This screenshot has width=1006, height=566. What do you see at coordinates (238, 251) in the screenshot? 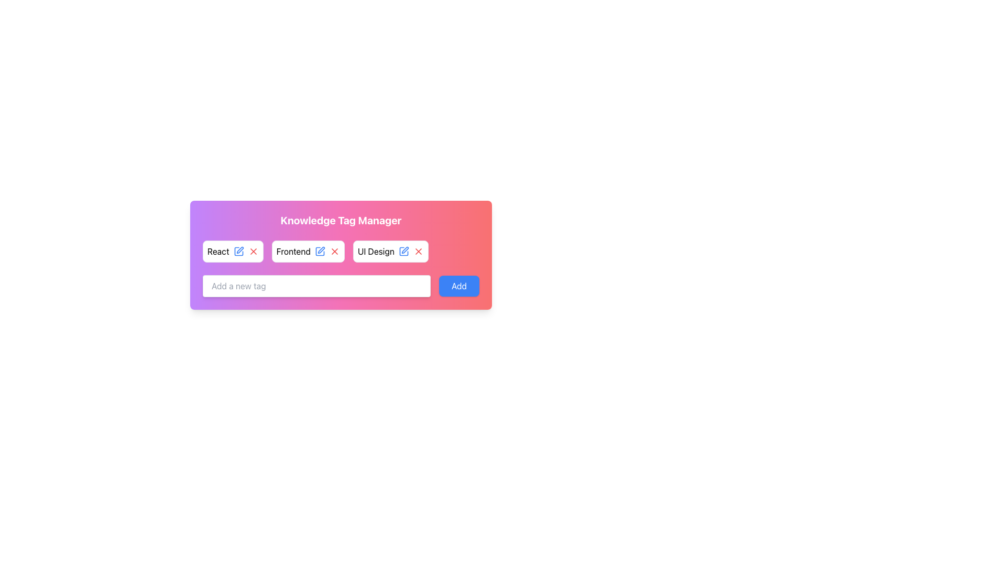
I see `the blue edit icon located to the right of the 'React' tag label to initiate editing the tag` at bounding box center [238, 251].